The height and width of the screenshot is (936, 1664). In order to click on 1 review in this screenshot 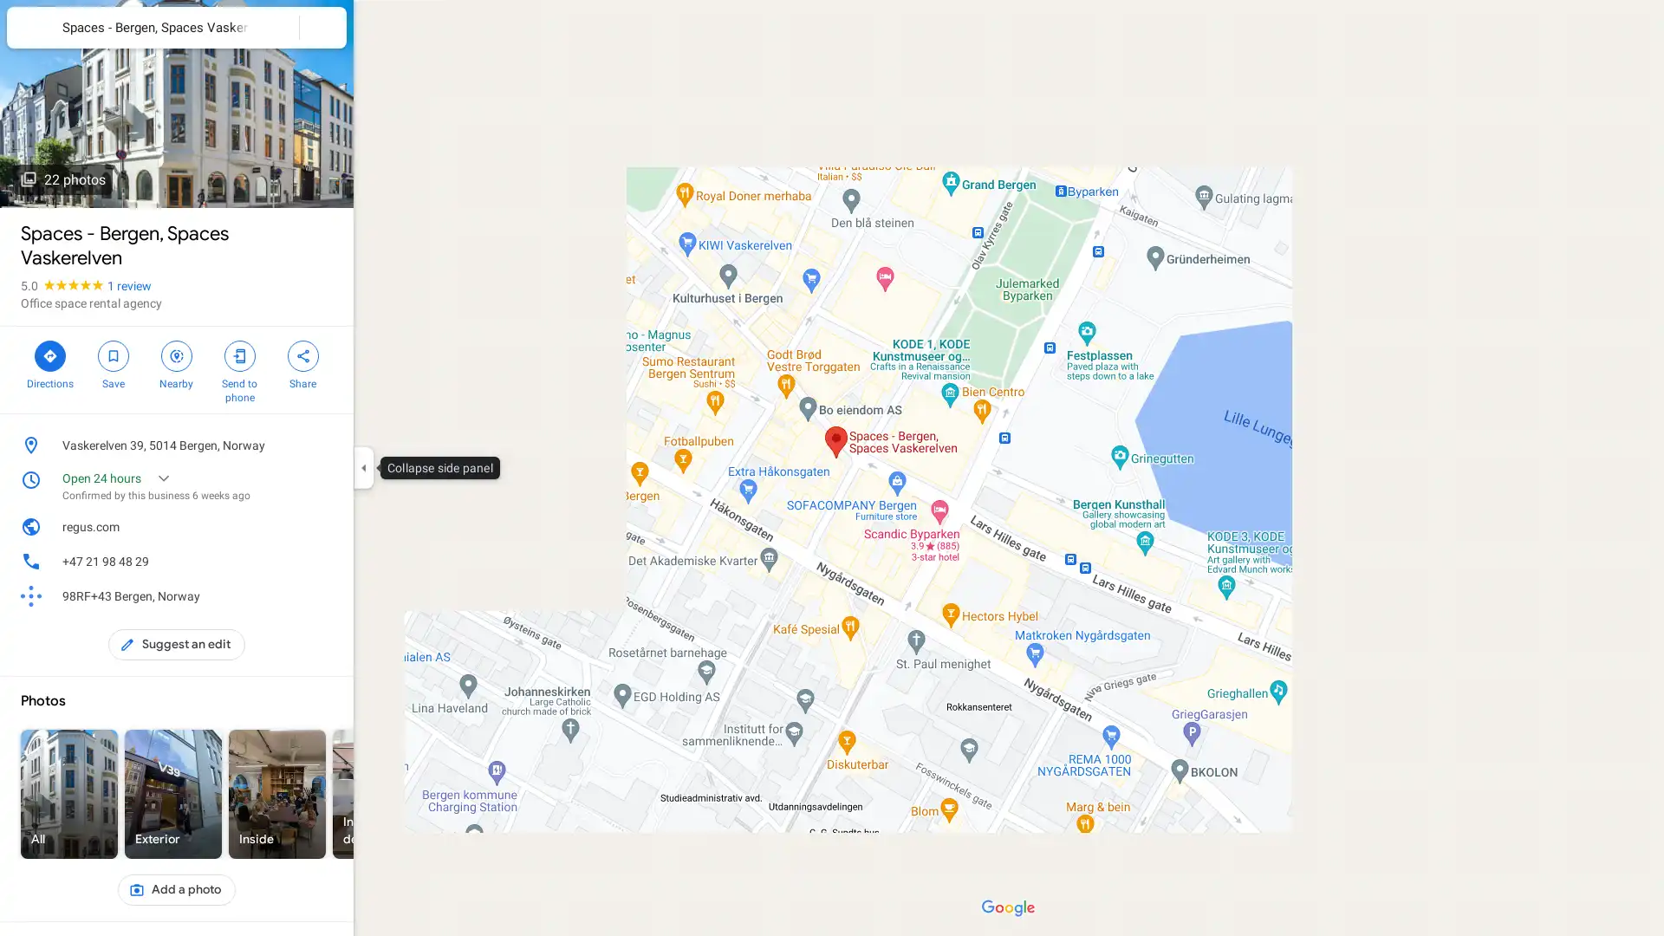, I will do `click(128, 285)`.